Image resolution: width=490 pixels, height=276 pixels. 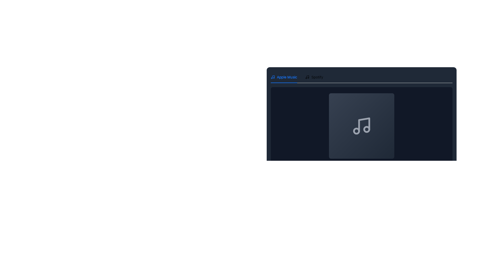 I want to click on the 'Spotify' tab in the top navigation bar, so click(x=314, y=77).